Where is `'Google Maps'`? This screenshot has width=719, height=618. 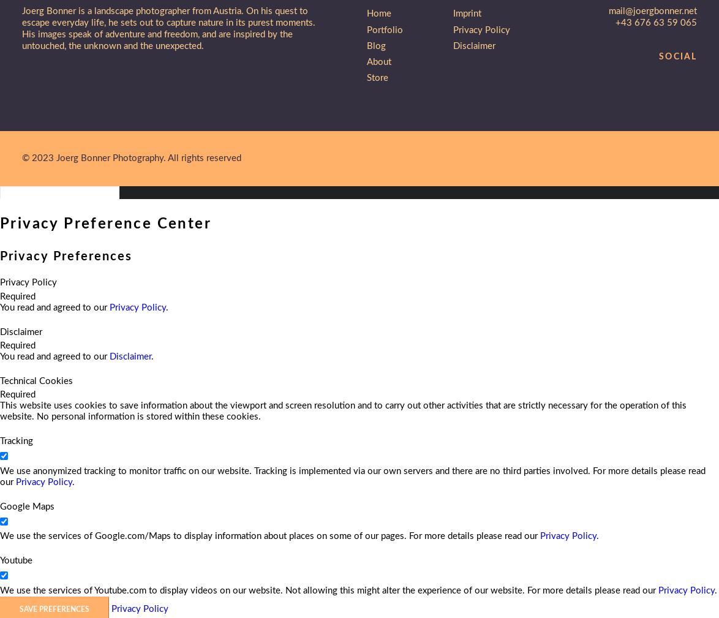 'Google Maps' is located at coordinates (27, 506).